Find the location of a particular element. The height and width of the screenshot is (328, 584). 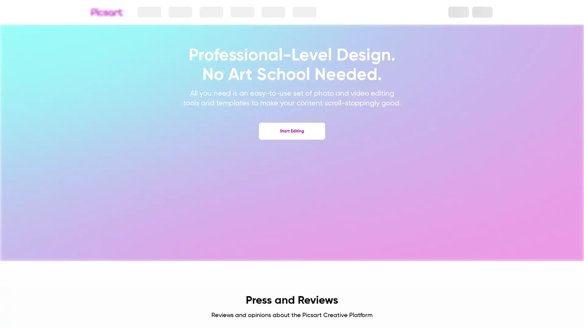

Editing Tools and Features Menu is located at coordinates (242, 12).